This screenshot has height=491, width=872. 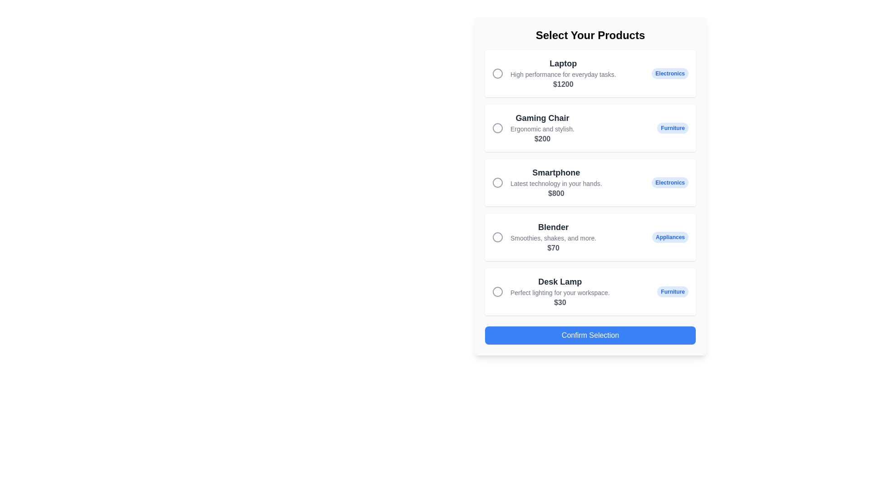 What do you see at coordinates (544, 236) in the screenshot?
I see `the selectable circle for the 'Blender' product information, which is the fourth item in a vertical list of products` at bounding box center [544, 236].